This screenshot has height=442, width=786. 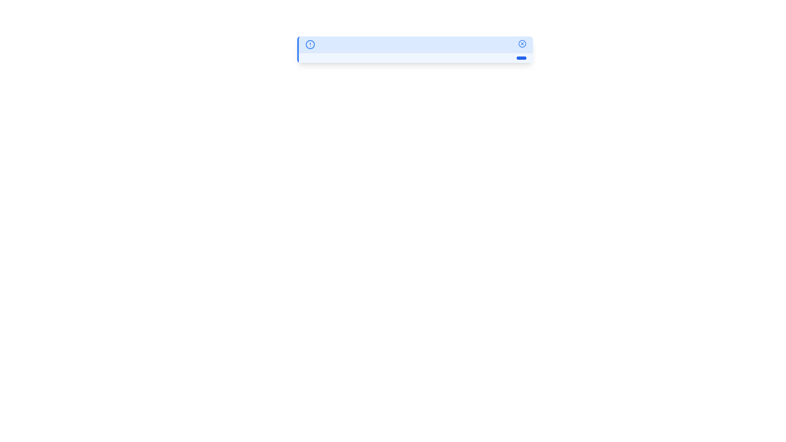 What do you see at coordinates (522, 44) in the screenshot?
I see `the blue-bordered circle element located at the center of the SVG graphic within the toolbar at the top right of the interface` at bounding box center [522, 44].